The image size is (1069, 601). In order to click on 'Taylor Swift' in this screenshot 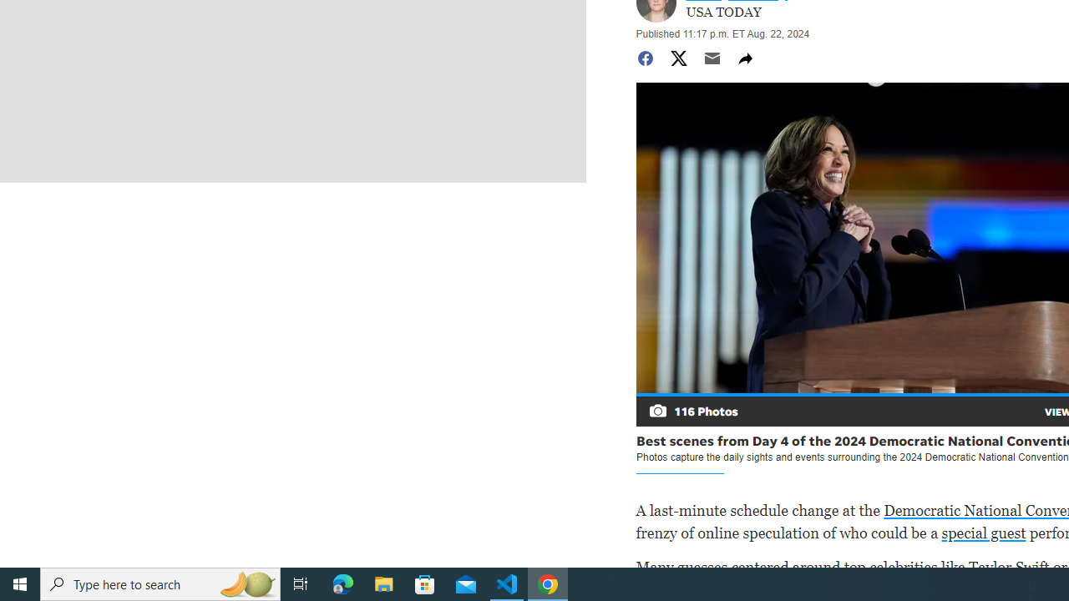, I will do `click(1008, 566)`.